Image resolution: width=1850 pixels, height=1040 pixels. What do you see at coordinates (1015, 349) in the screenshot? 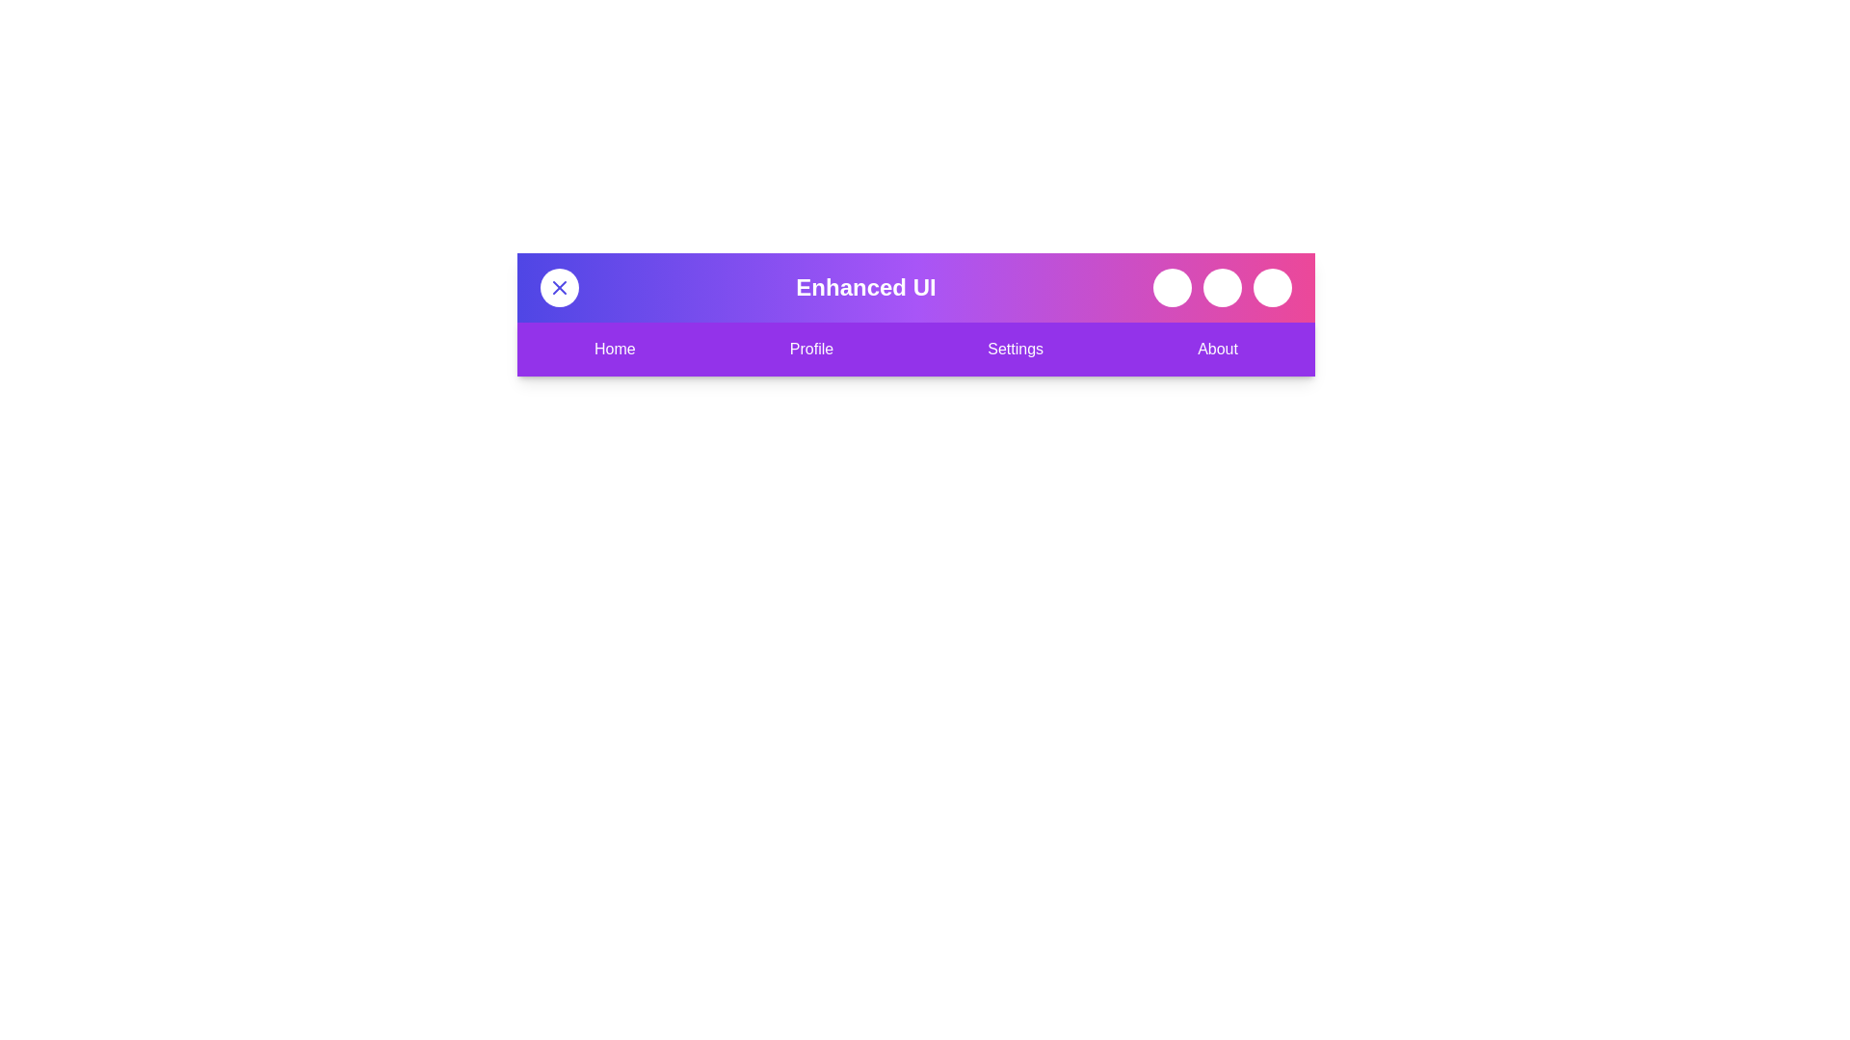
I see `the 'Settings' button in the EnhancedAppBar` at bounding box center [1015, 349].